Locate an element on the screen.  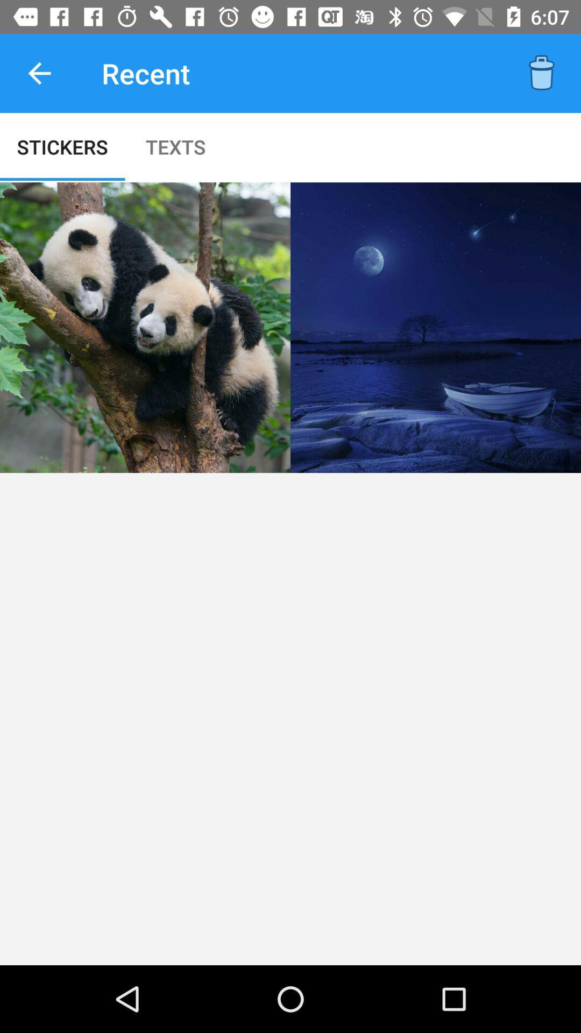
the icon next to the recent is located at coordinates (541, 73).